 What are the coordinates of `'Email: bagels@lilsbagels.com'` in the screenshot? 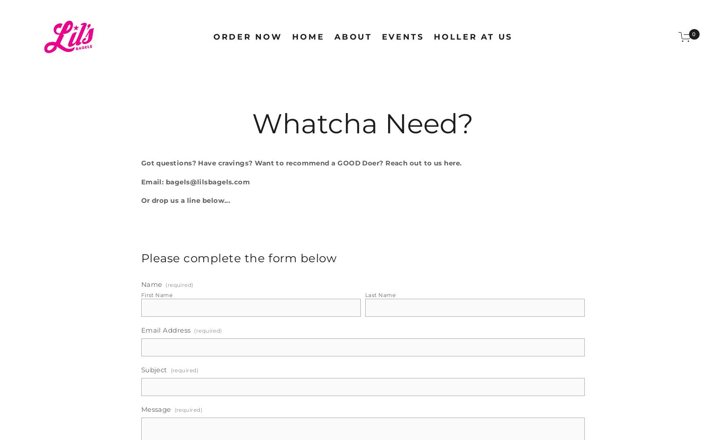 It's located at (195, 181).